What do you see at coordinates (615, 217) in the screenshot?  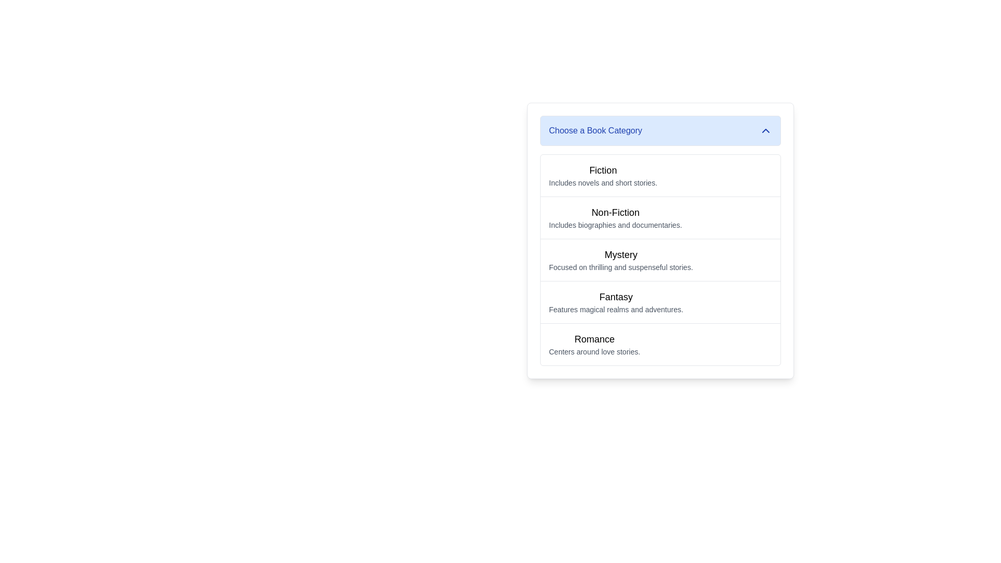 I see `the 'Non-Fiction' category option in the selectable list` at bounding box center [615, 217].